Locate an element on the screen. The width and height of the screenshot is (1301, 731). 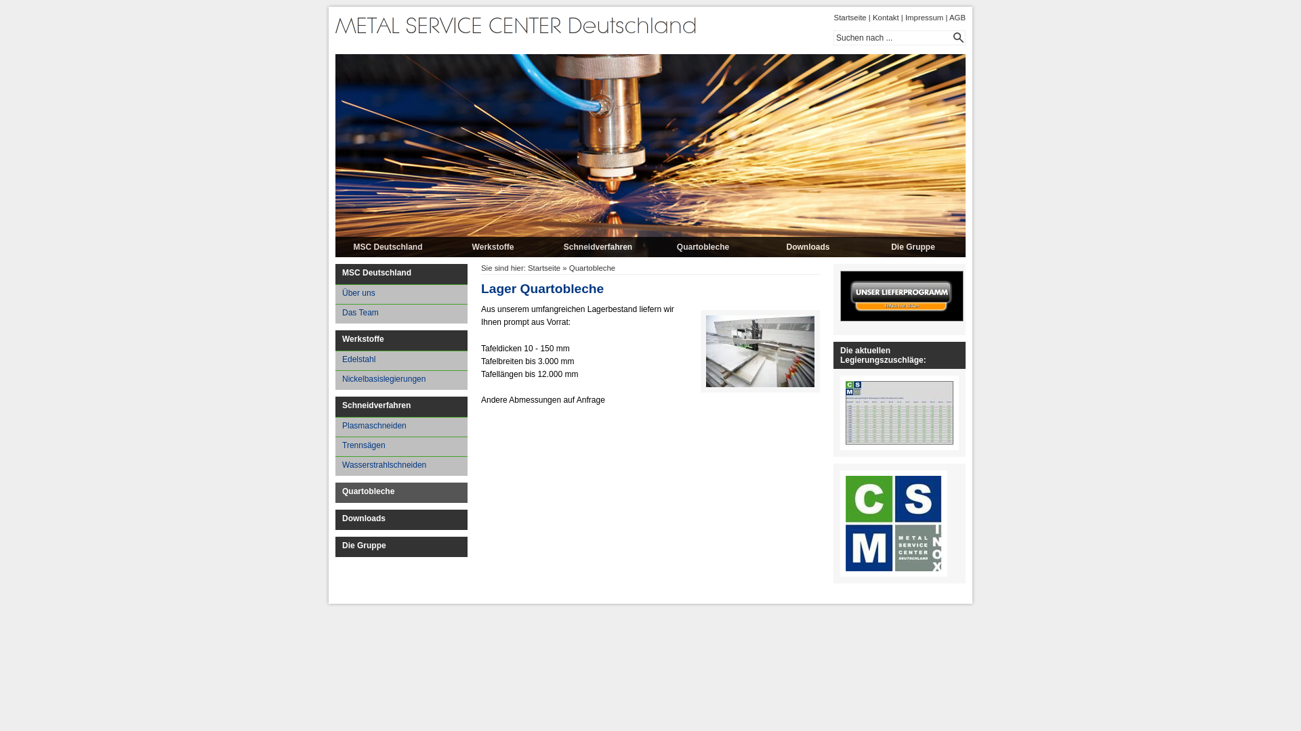
'Edelstahl' is located at coordinates (400, 359).